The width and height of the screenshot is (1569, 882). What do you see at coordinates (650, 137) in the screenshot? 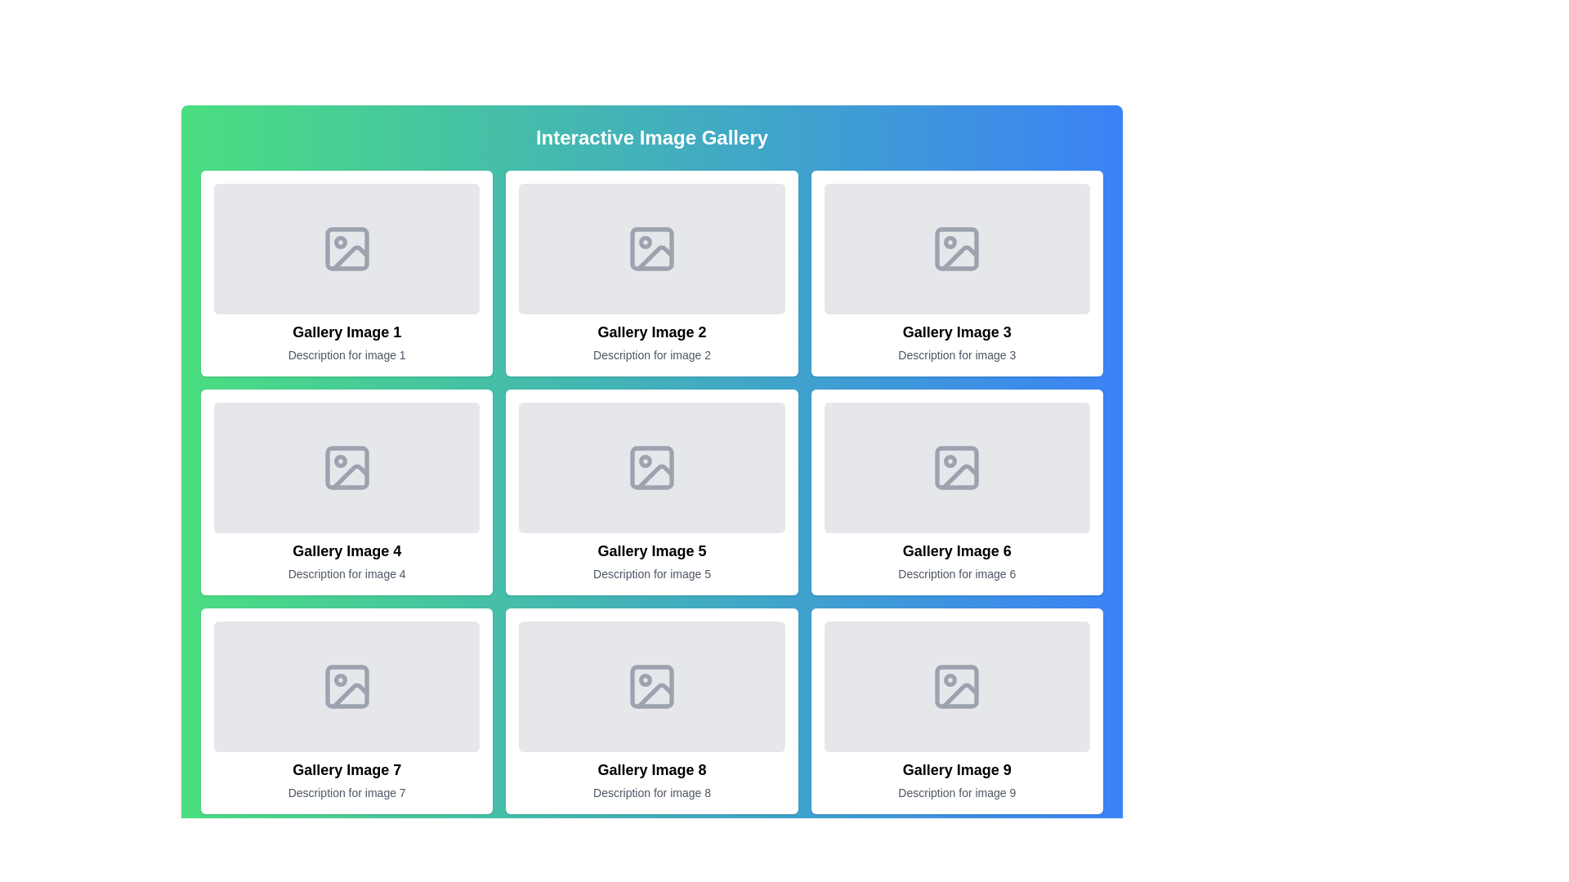
I see `the static text labeled 'Interactive Image Gallery', which is styled with large bold font and is prominently displayed at the top of the page above the image grid` at bounding box center [650, 137].